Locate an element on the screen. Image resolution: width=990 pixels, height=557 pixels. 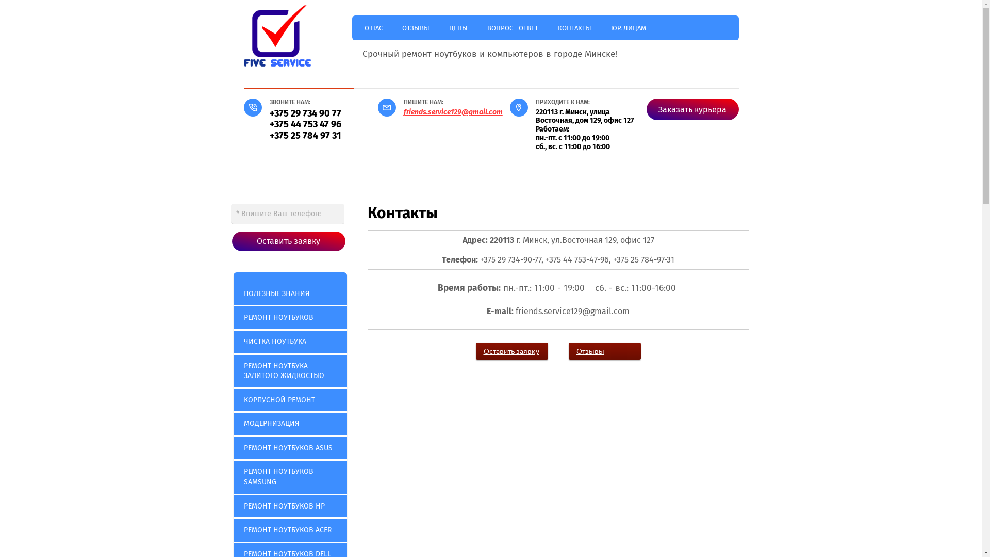
'+375 29 734 90 77' is located at coordinates (304, 113).